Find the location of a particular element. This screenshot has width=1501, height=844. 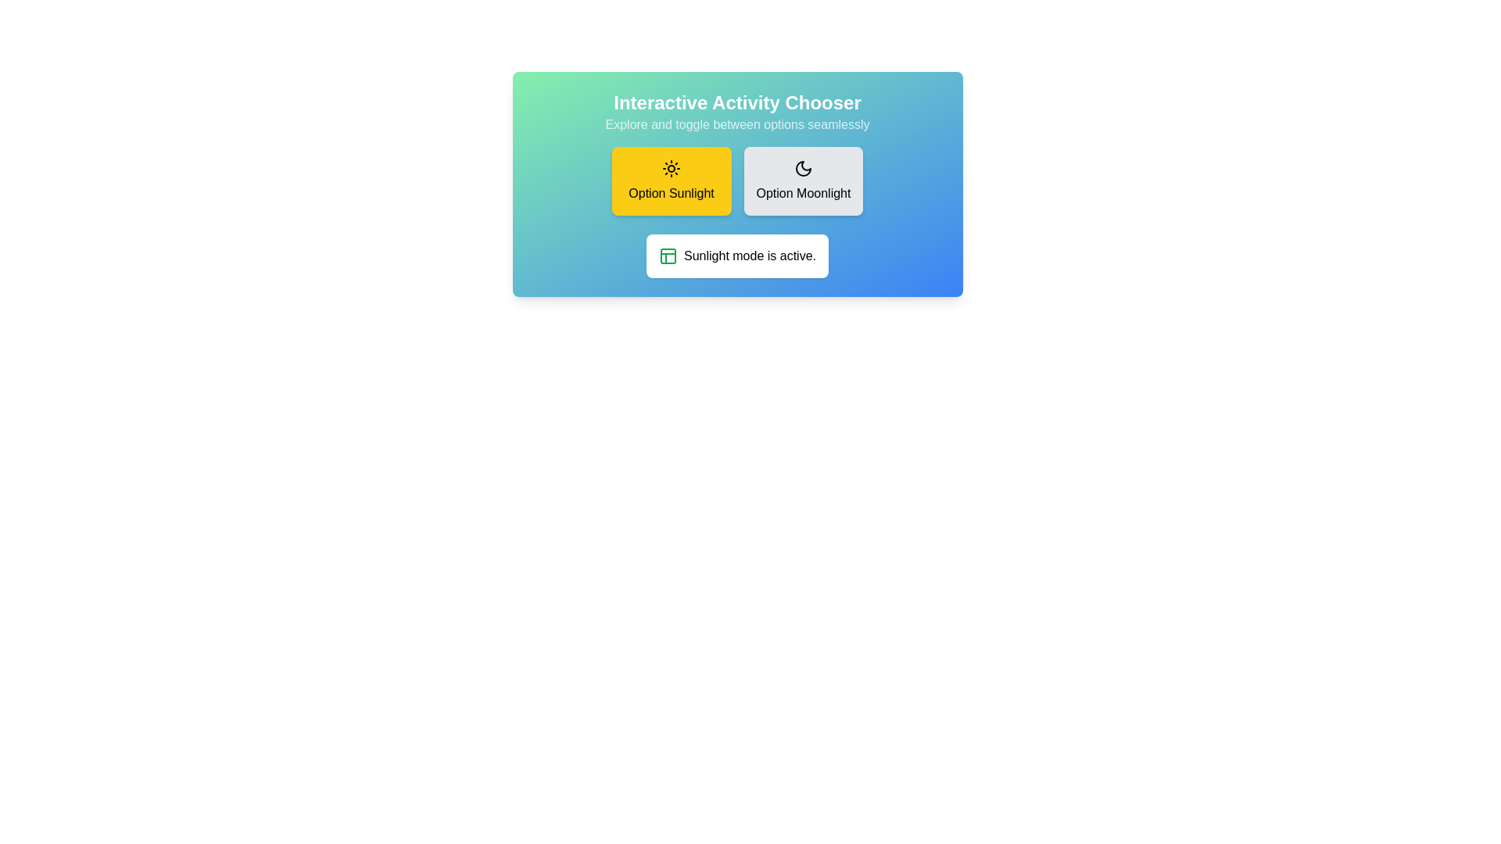

the 'Option Moonlight' button that contains the moon-shaped icon located at the top center of the button is located at coordinates (803, 169).